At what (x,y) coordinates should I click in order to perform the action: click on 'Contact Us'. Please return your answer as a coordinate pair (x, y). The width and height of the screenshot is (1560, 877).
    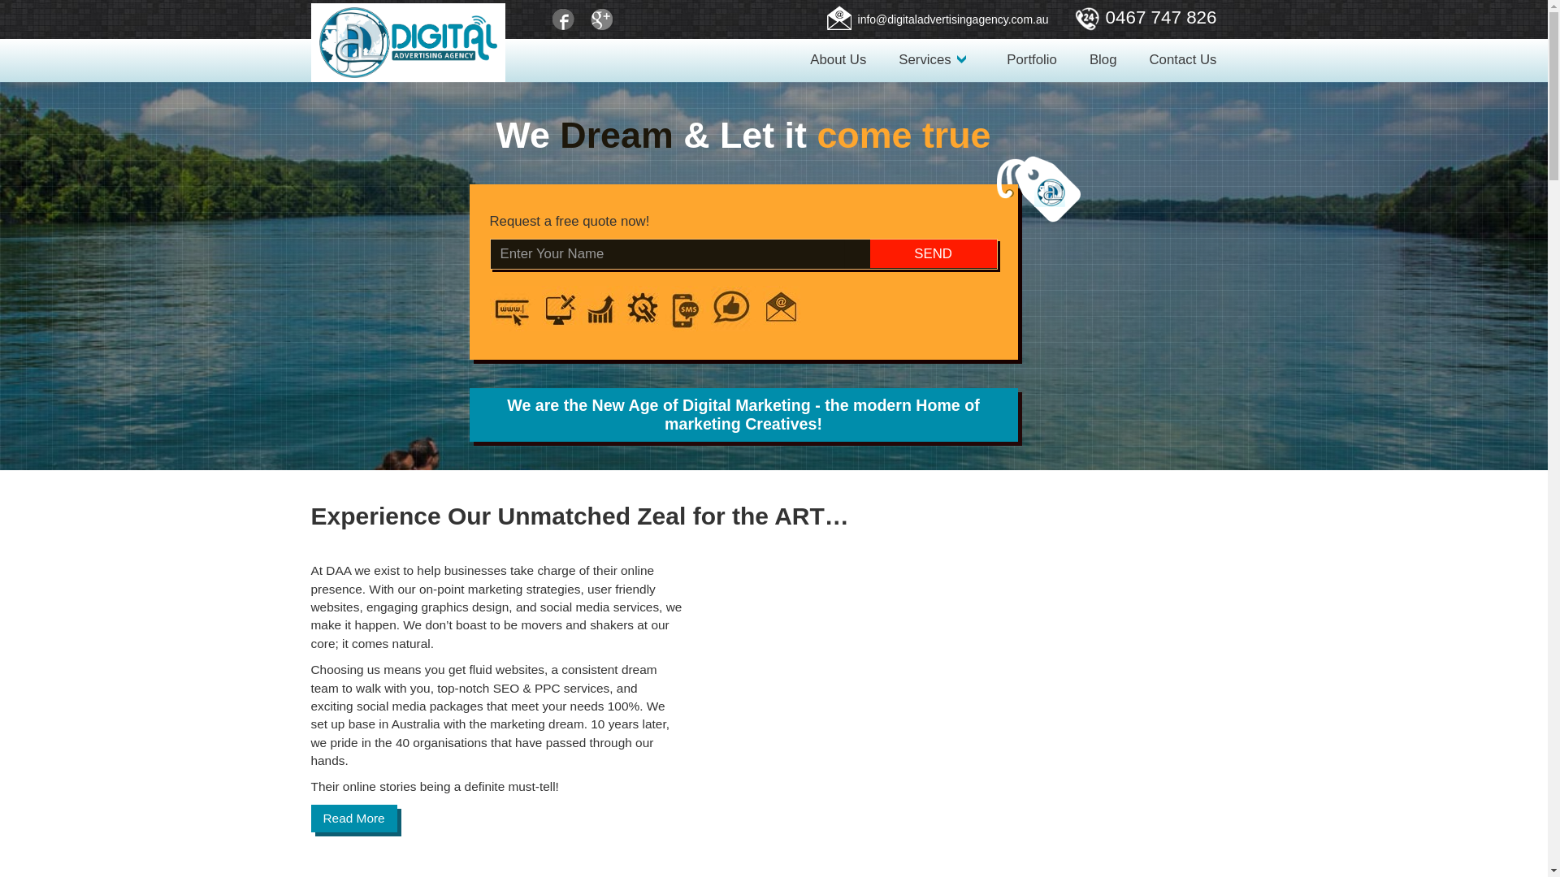
    Looking at the image, I should click on (1135, 58).